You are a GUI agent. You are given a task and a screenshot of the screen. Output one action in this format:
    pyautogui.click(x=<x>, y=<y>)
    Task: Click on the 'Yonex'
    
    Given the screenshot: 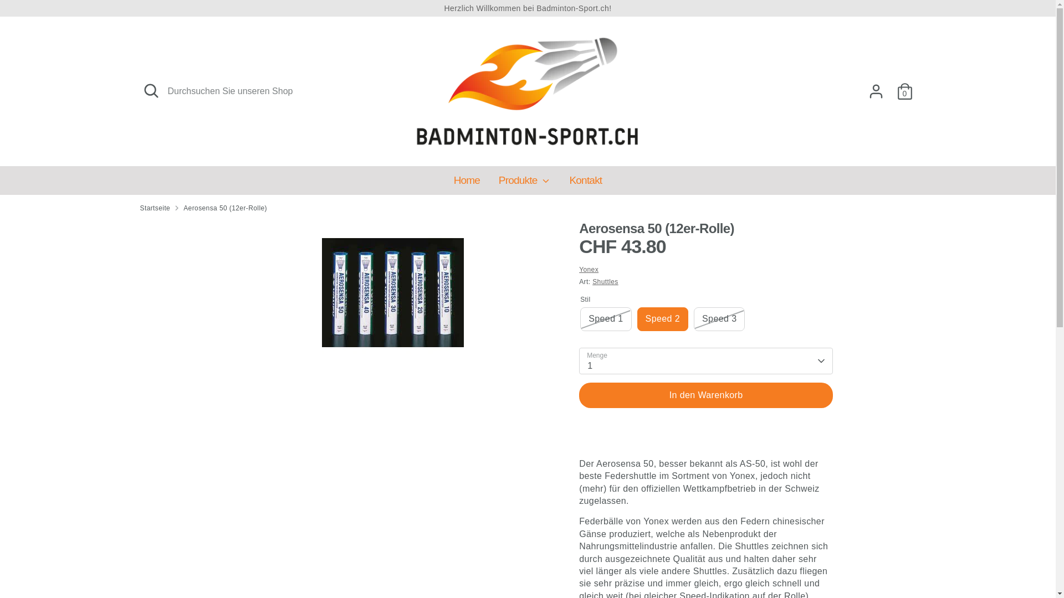 What is the action you would take?
    pyautogui.click(x=588, y=269)
    